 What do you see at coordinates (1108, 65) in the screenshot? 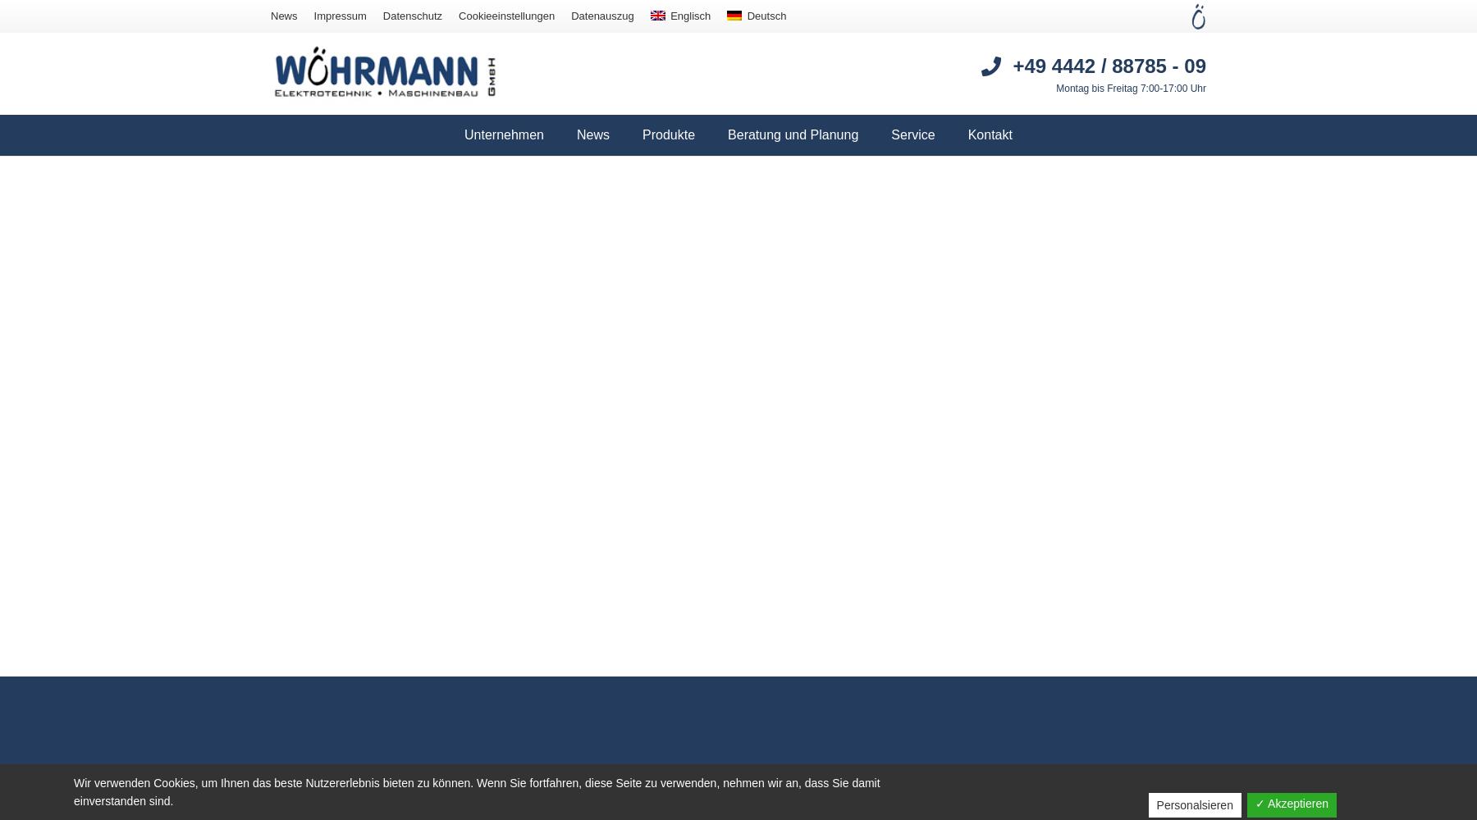
I see `'+49 4442 / 88785 - 09'` at bounding box center [1108, 65].